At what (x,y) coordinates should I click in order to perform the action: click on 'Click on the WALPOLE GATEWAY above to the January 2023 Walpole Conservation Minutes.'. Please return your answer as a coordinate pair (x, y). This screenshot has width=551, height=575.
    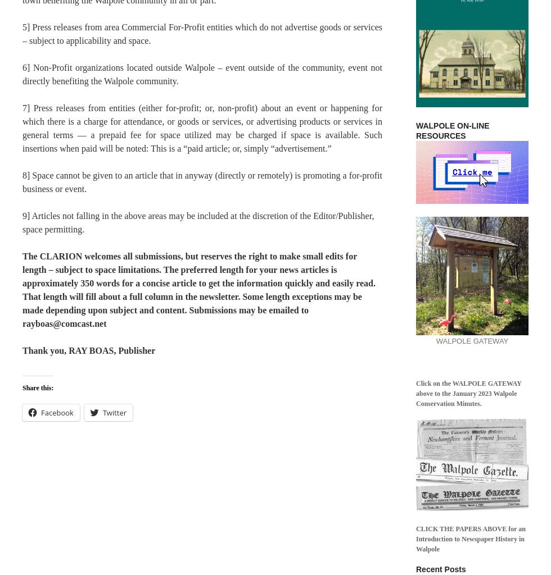
    Looking at the image, I should click on (468, 394).